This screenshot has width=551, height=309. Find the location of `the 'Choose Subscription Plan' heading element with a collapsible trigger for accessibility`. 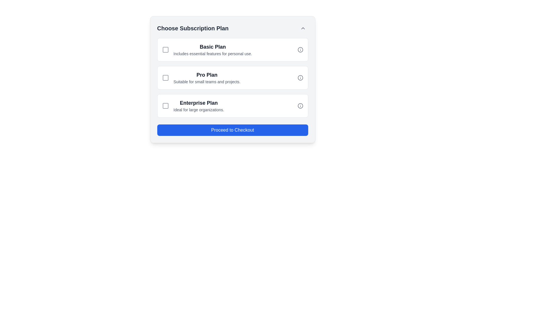

the 'Choose Subscription Plan' heading element with a collapsible trigger for accessibility is located at coordinates (232, 28).